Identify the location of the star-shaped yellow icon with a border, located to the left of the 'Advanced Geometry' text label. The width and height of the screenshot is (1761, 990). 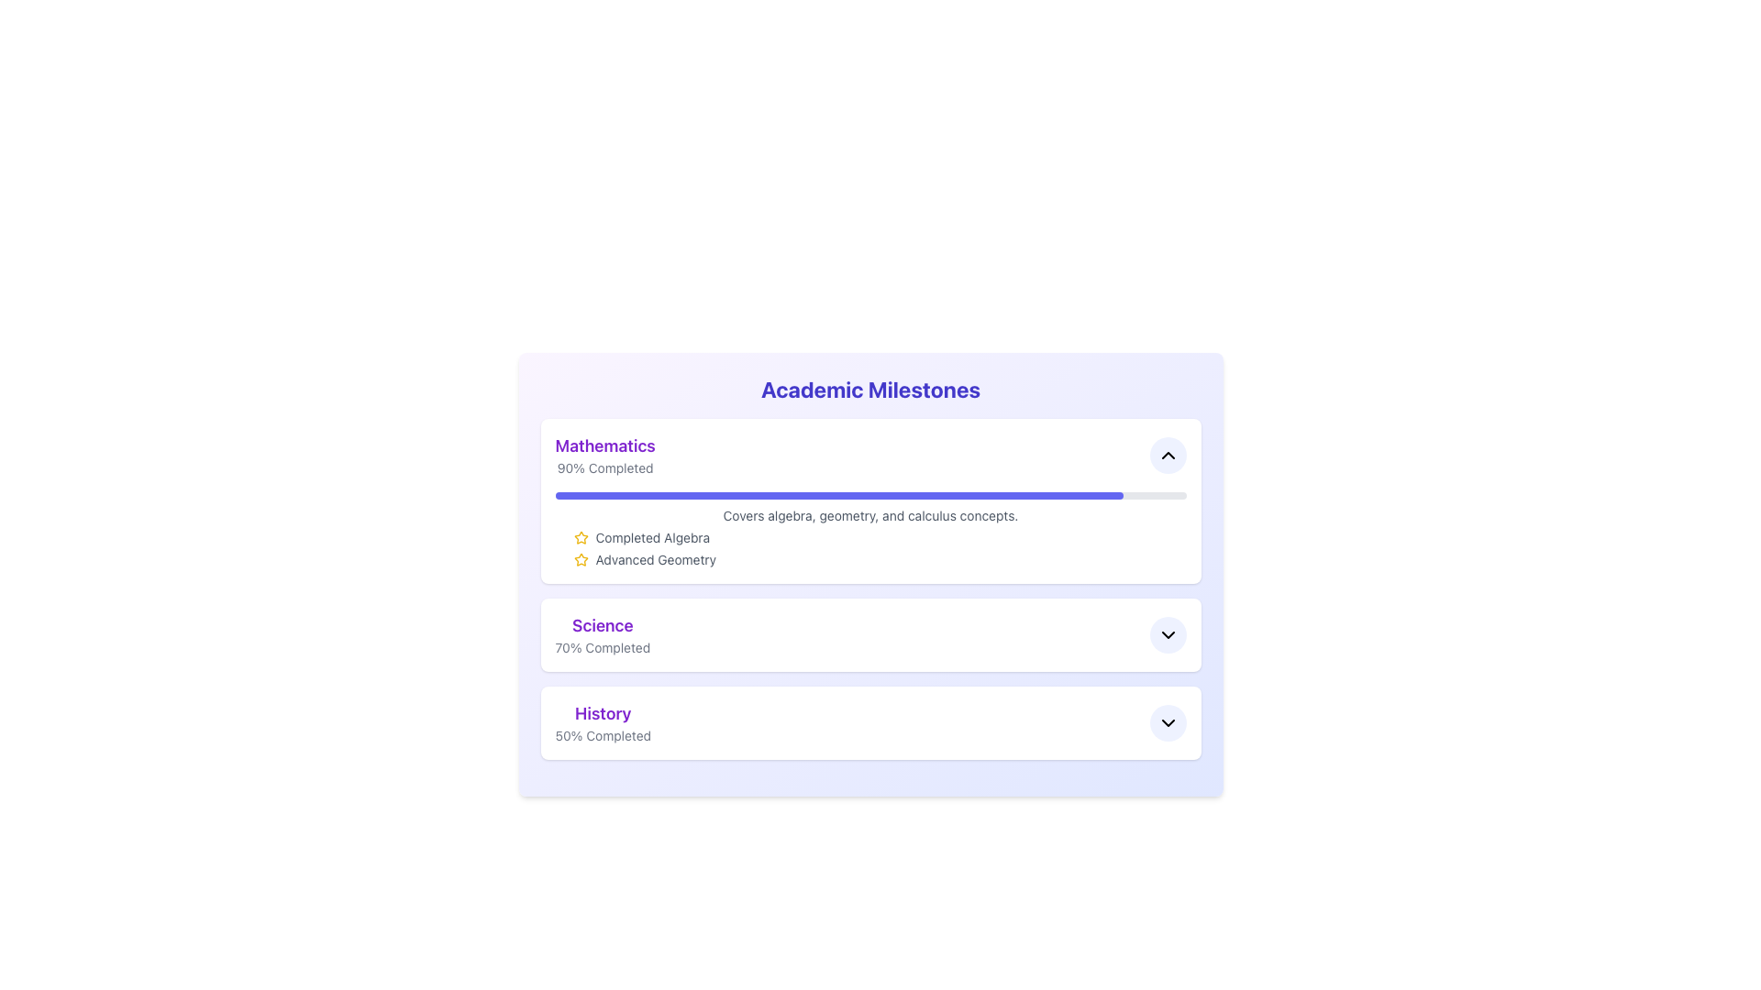
(580, 558).